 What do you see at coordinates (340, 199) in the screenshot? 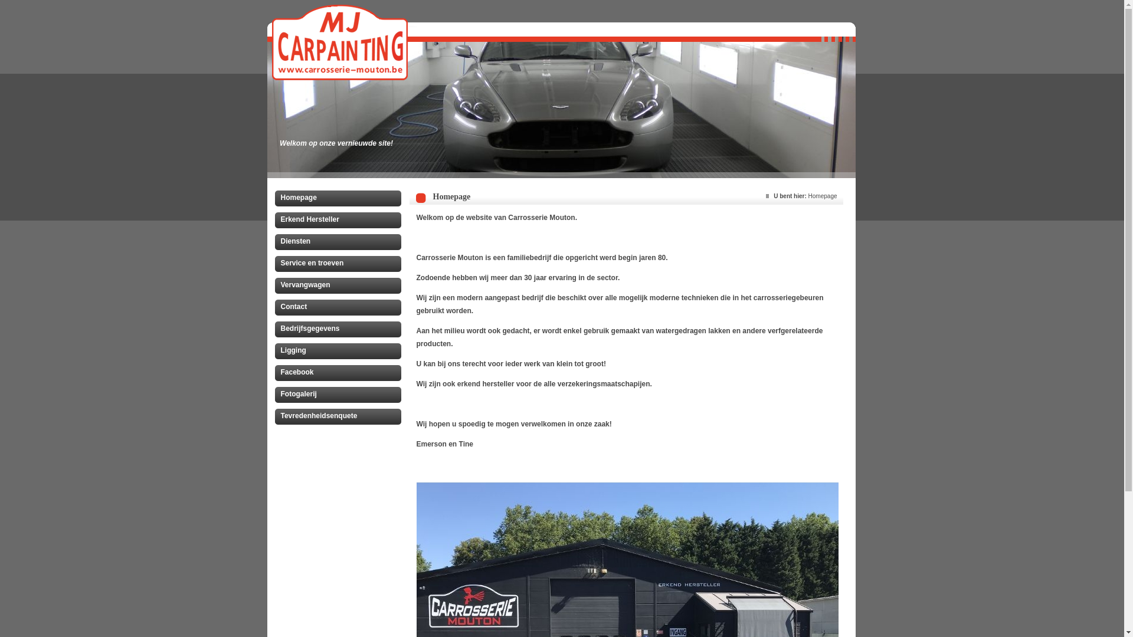
I see `'Homepage'` at bounding box center [340, 199].